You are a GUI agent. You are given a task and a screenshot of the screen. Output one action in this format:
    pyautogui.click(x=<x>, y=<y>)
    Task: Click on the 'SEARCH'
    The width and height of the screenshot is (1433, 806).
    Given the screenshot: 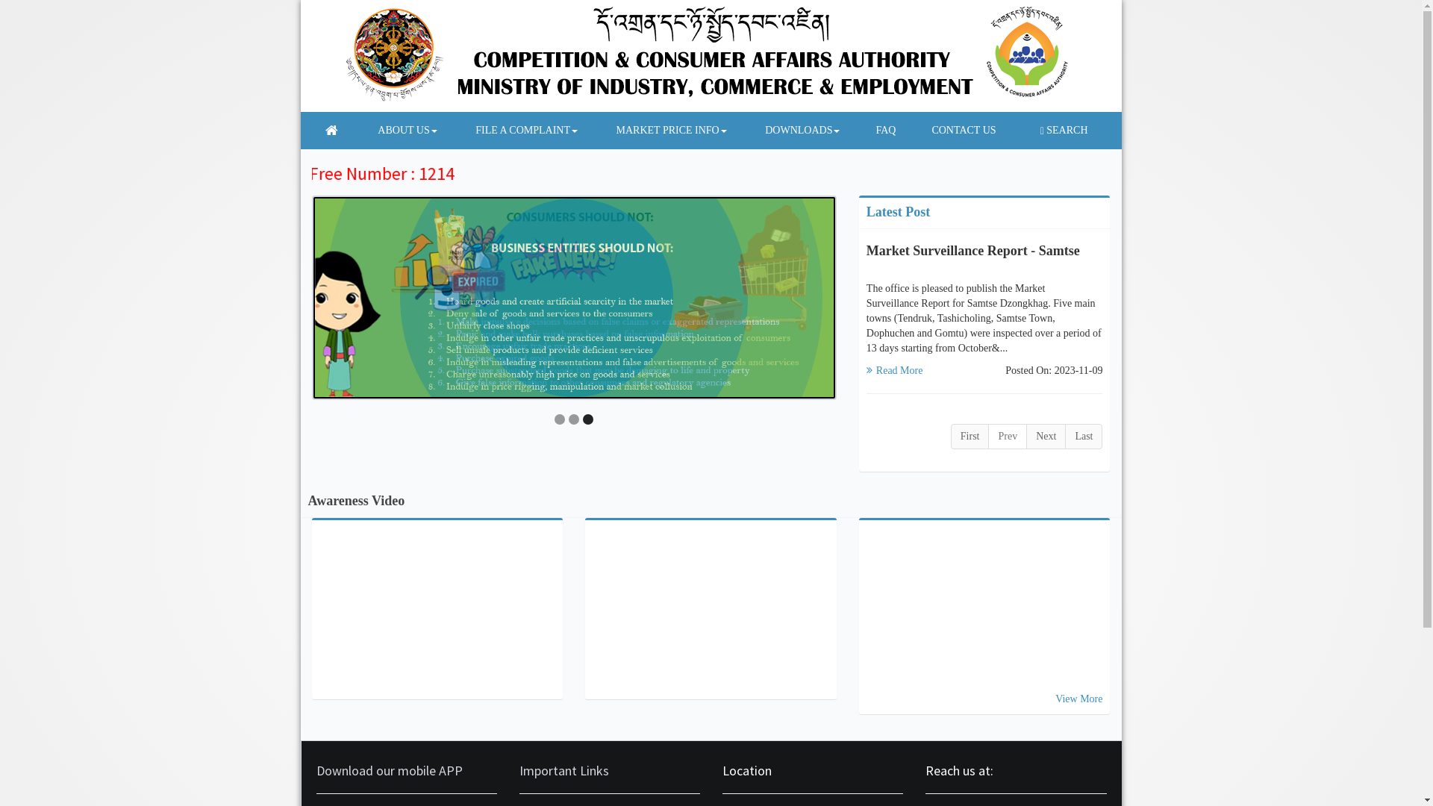 What is the action you would take?
    pyautogui.click(x=1063, y=129)
    